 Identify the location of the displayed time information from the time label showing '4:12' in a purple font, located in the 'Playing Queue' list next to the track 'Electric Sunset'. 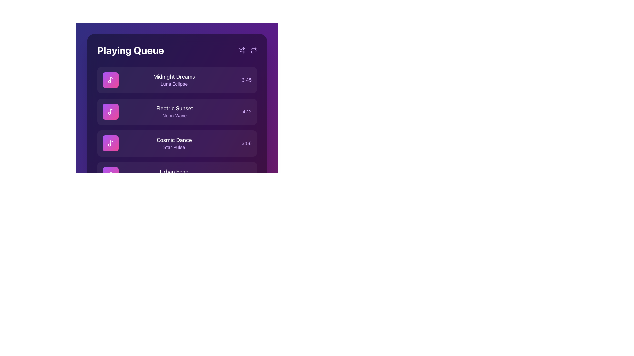
(241, 111).